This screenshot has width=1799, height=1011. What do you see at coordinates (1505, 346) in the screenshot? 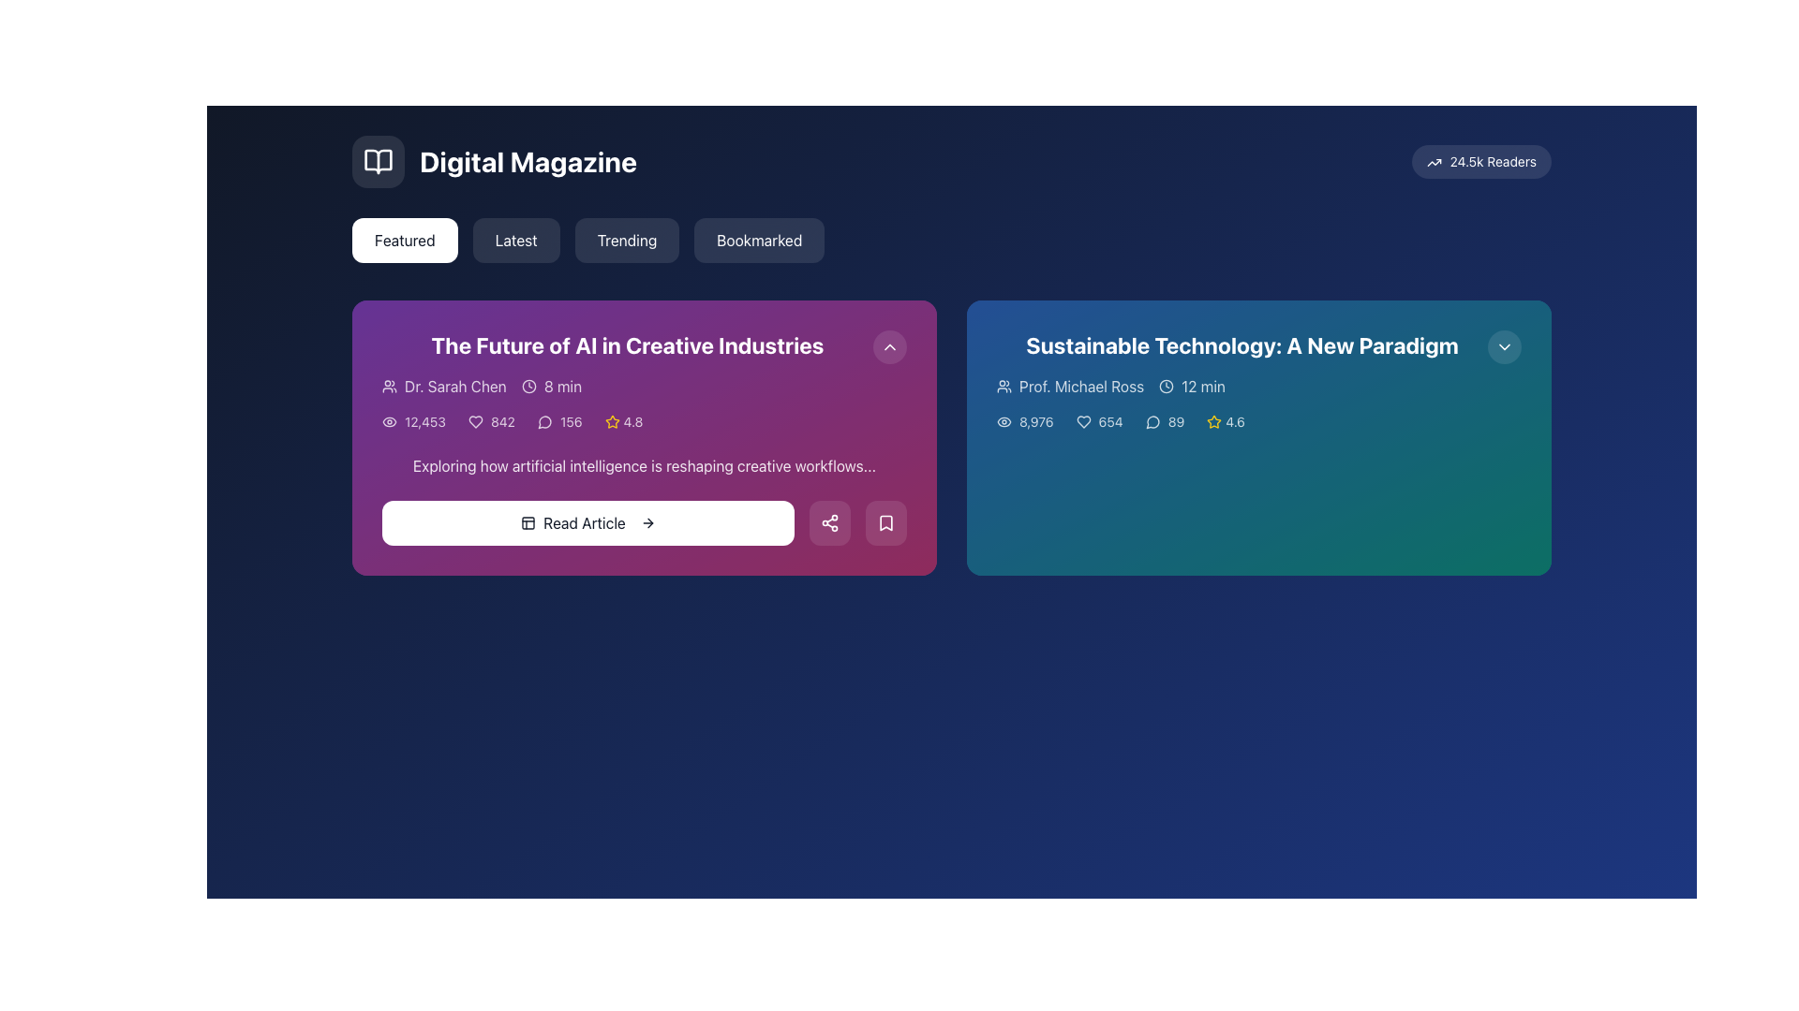
I see `the interactive dropdown trigger button located in the top-right corner of the card labeled 'Sustainable Technology: A New Paradigm'` at bounding box center [1505, 346].